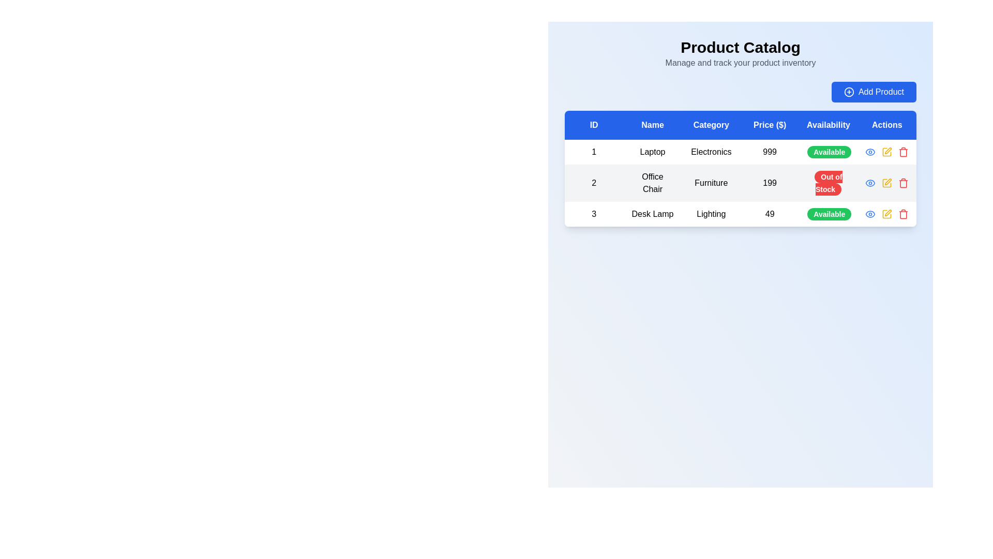 This screenshot has width=993, height=559. What do you see at coordinates (829, 213) in the screenshot?
I see `the Status indicator labeled 'Available' in the Availability column of the third row for the product entry 'Desk Lamp'` at bounding box center [829, 213].